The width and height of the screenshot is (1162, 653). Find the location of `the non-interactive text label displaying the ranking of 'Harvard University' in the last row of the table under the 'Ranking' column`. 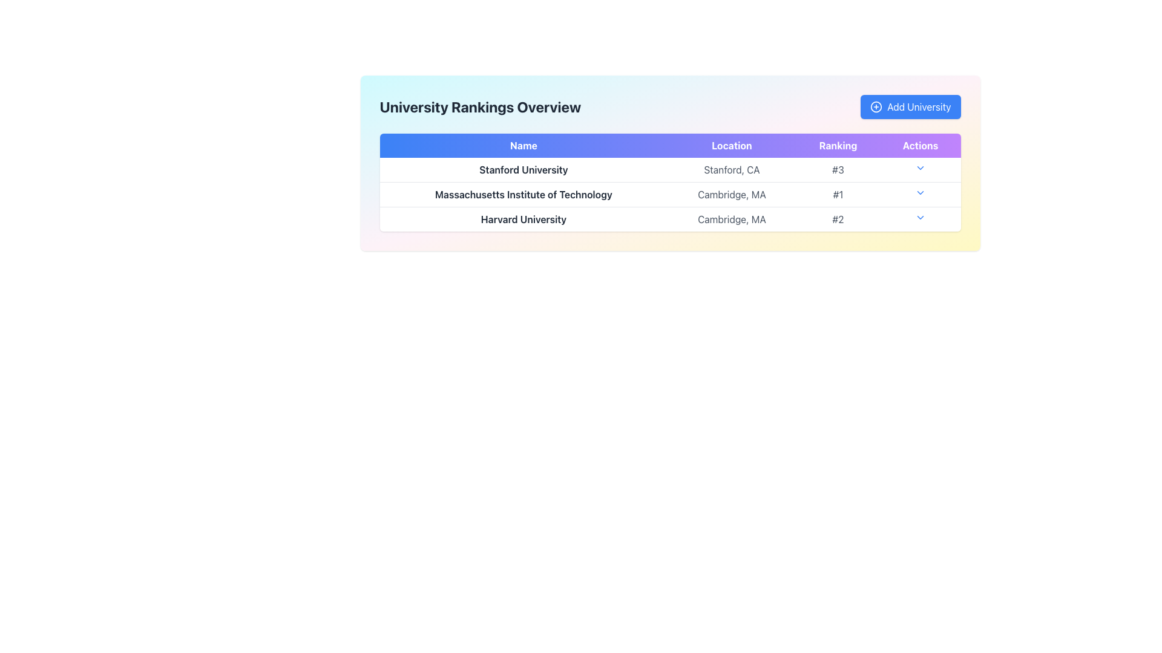

the non-interactive text label displaying the ranking of 'Harvard University' in the last row of the table under the 'Ranking' column is located at coordinates (838, 219).